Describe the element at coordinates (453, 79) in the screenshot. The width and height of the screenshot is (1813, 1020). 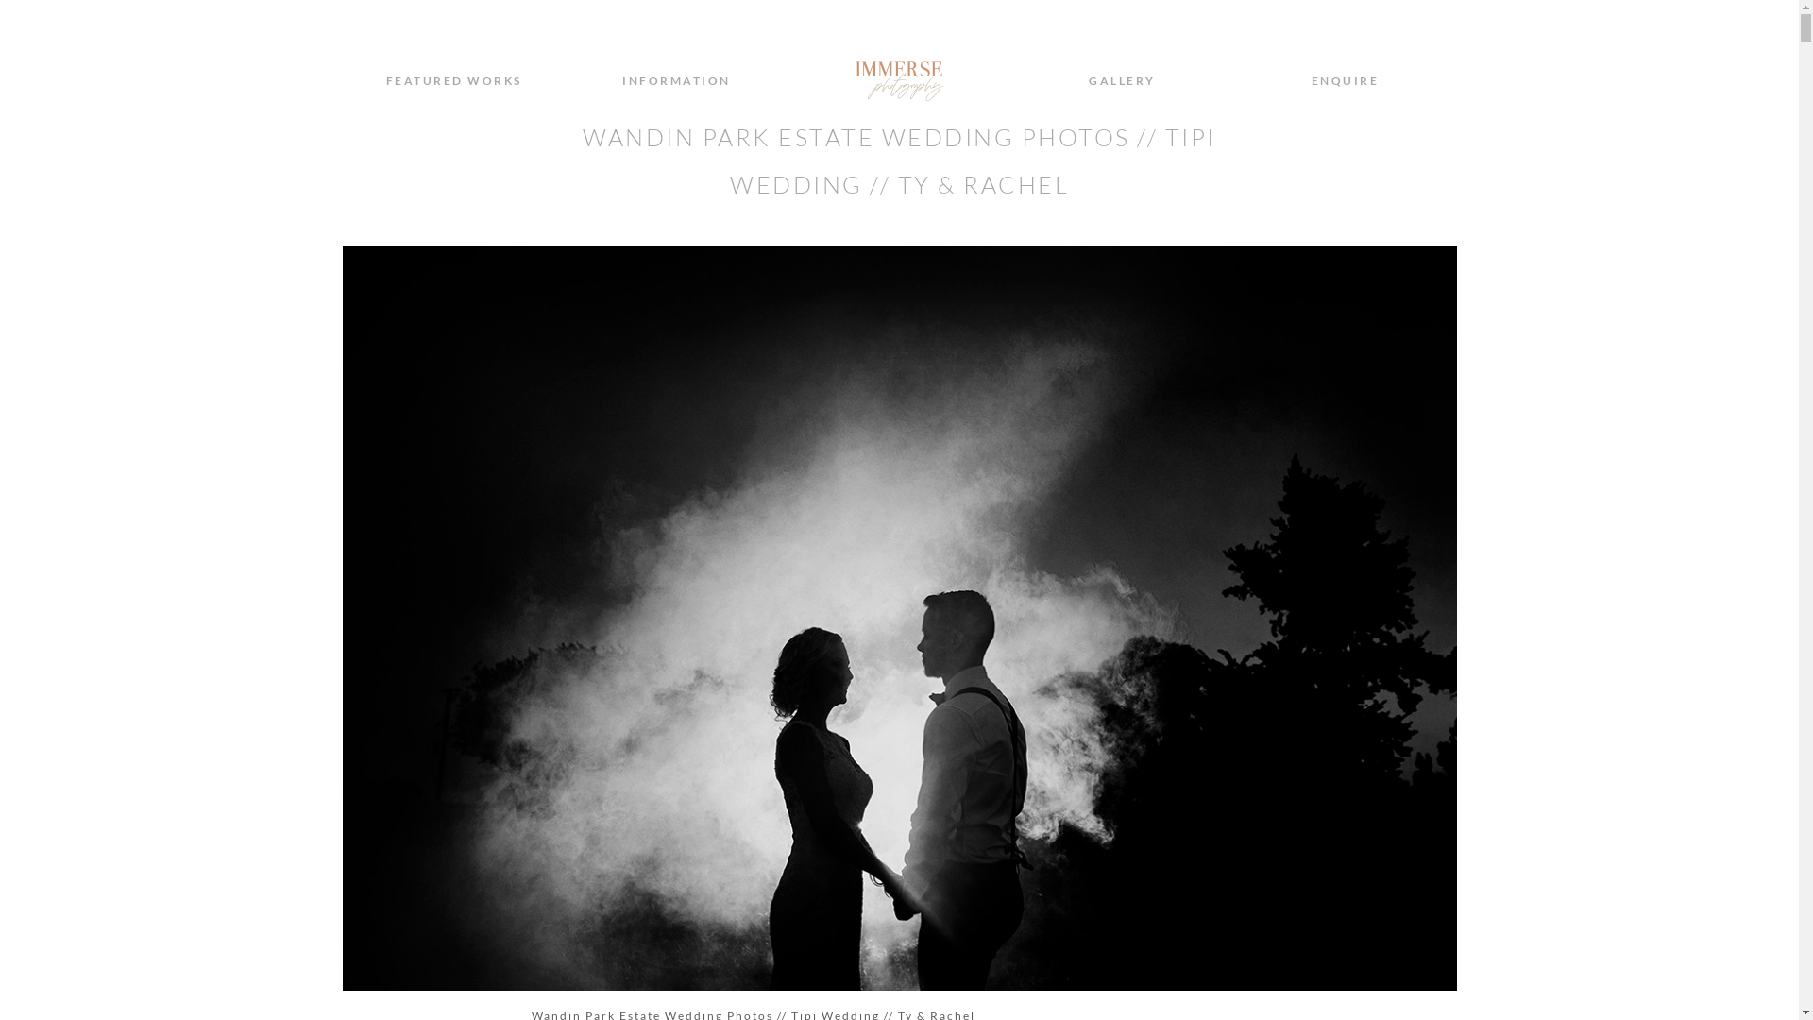
I see `'FEATURED WORKS'` at that location.